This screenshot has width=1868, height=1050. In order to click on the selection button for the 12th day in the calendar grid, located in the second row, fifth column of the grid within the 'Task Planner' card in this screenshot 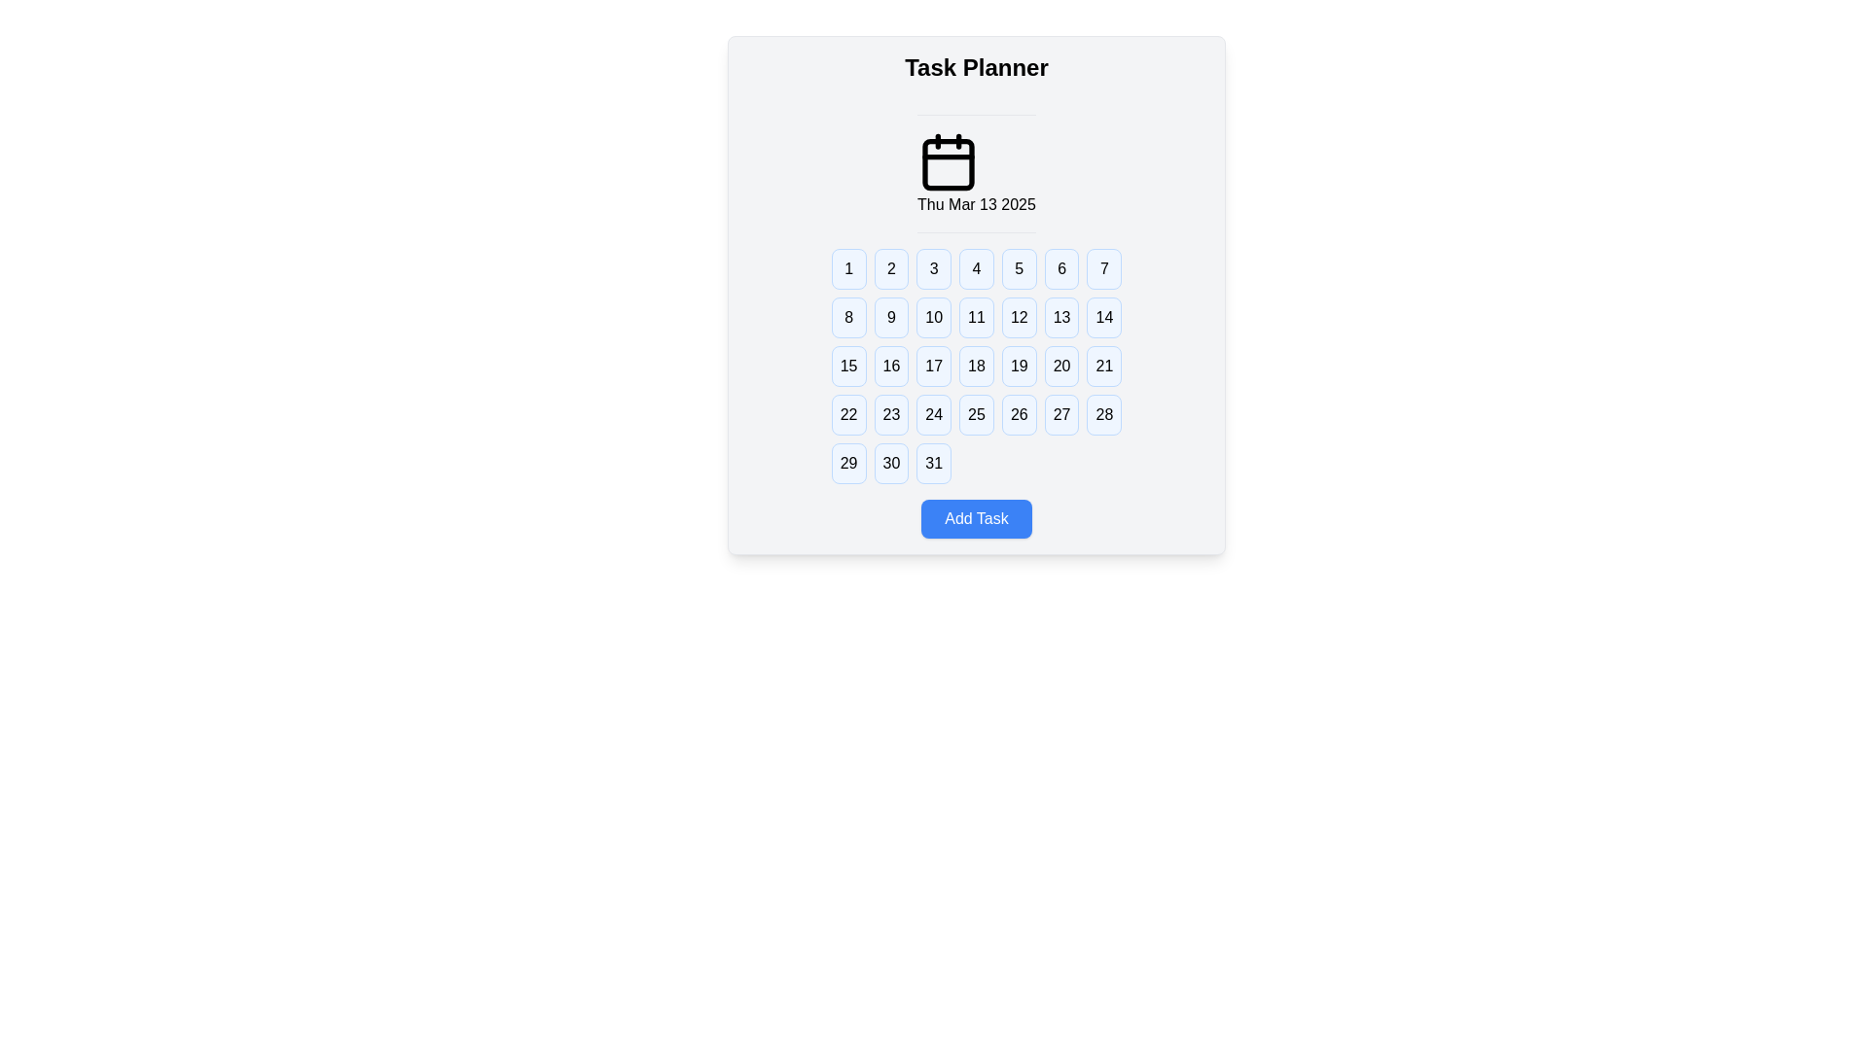, I will do `click(1018, 317)`.